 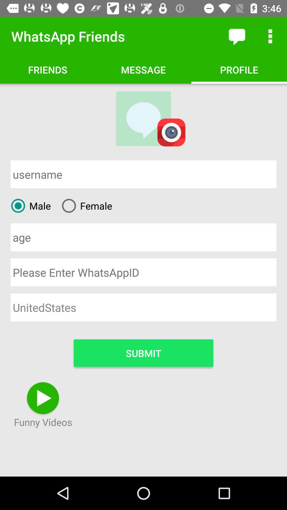 What do you see at coordinates (143, 272) in the screenshot?
I see `whatsappid text box` at bounding box center [143, 272].